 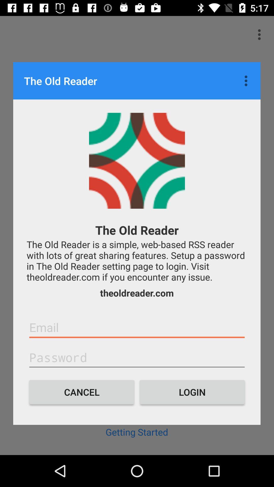 What do you see at coordinates (137, 357) in the screenshot?
I see `password button` at bounding box center [137, 357].